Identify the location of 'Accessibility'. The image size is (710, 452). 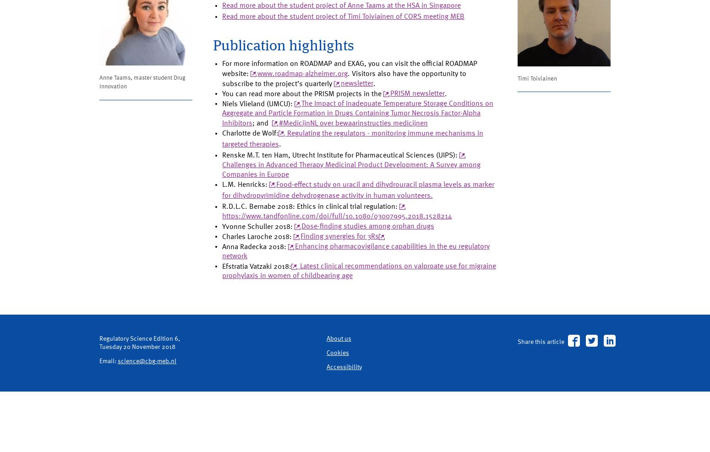
(345, 425).